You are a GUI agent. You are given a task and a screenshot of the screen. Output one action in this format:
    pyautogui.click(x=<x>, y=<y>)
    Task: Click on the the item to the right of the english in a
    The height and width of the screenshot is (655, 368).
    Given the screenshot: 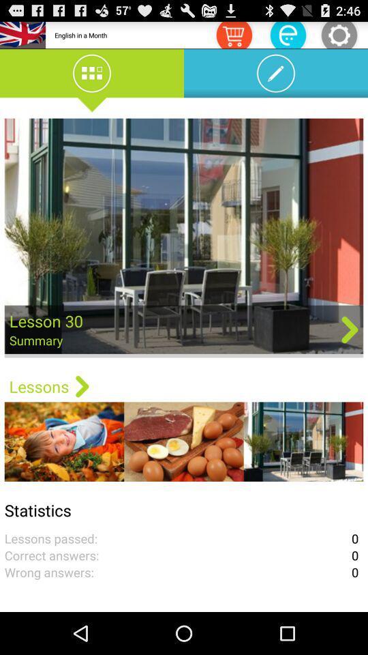 What is the action you would take?
    pyautogui.click(x=233, y=34)
    